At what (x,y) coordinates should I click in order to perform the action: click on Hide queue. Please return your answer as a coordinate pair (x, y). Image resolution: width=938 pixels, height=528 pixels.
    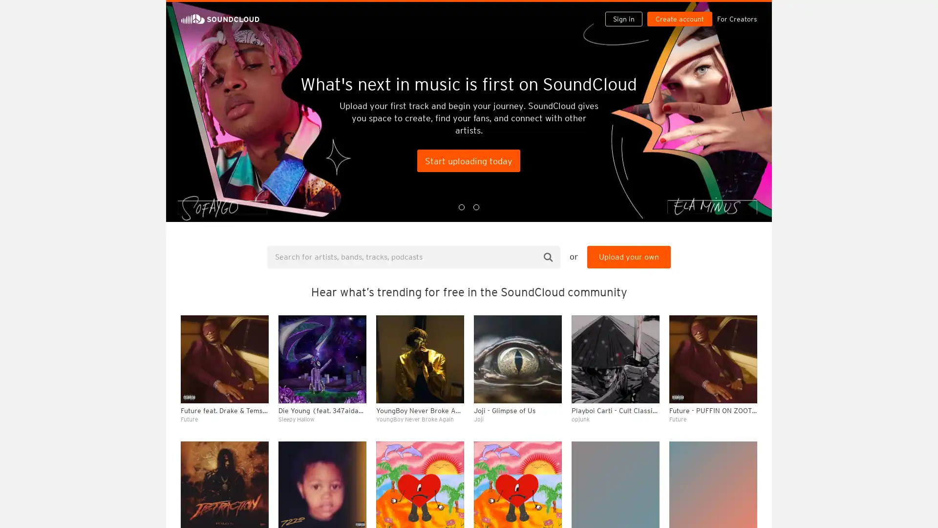
    Looking at the image, I should click on (750, 267).